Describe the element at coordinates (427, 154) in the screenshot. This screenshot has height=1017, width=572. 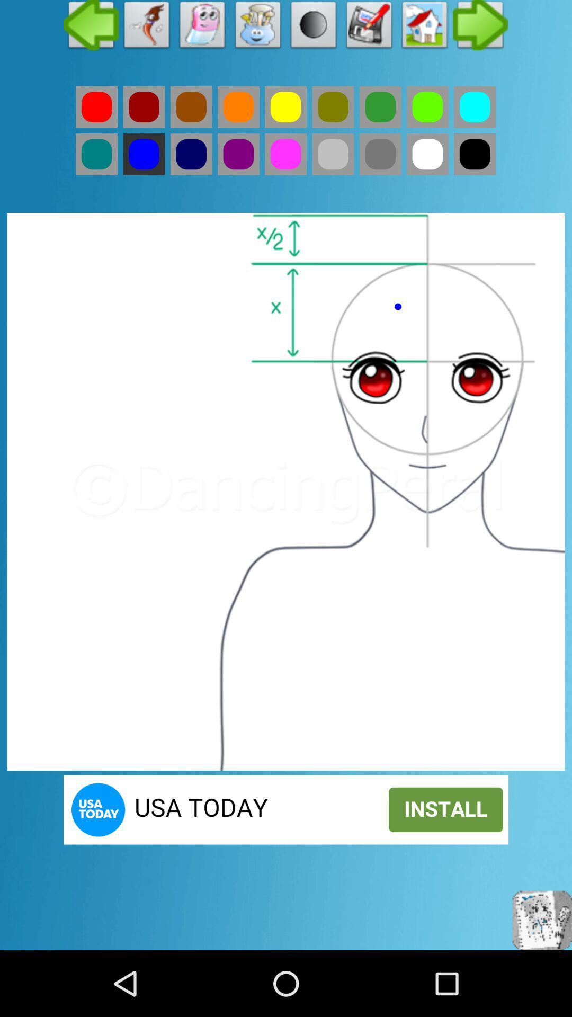
I see `white color` at that location.